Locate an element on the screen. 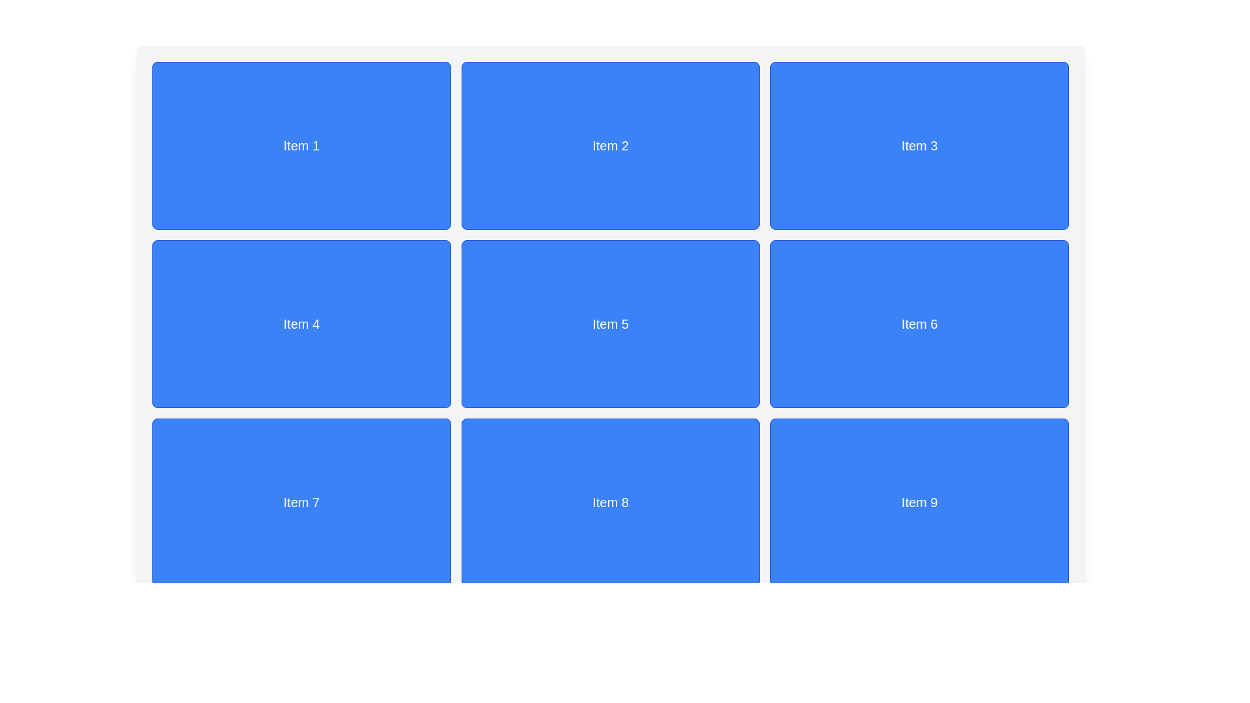 This screenshot has width=1250, height=703. the blue rectangular box with rounded corners that contains centered white text reading 'Item 8', located in the middle column of the bottom row in a 3x3 grid layout is located at coordinates (609, 501).